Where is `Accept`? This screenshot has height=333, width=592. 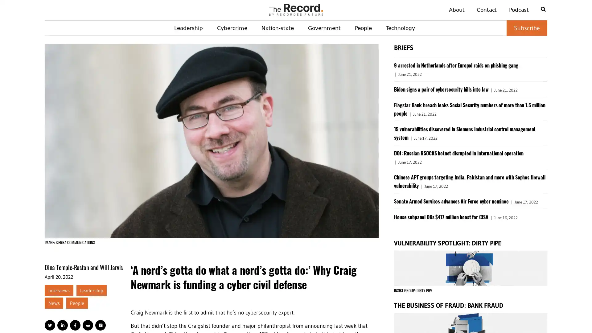 Accept is located at coordinates (570, 318).